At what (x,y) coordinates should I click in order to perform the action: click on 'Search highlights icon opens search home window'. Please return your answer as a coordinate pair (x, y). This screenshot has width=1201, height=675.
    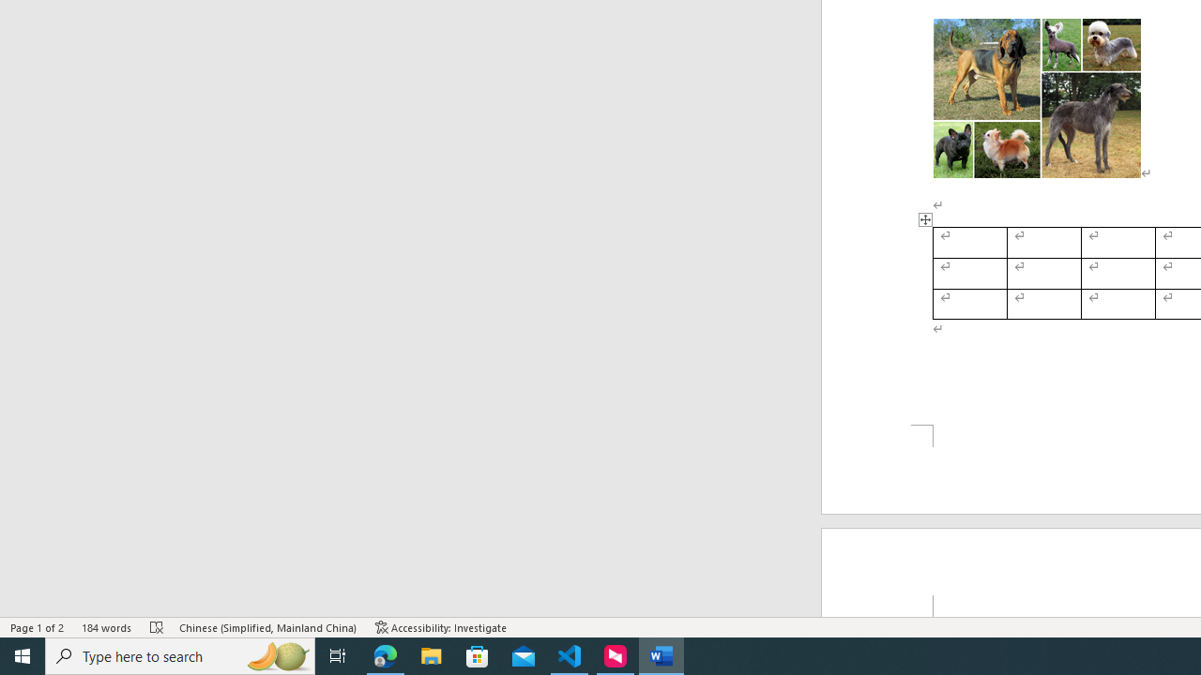
    Looking at the image, I should click on (276, 654).